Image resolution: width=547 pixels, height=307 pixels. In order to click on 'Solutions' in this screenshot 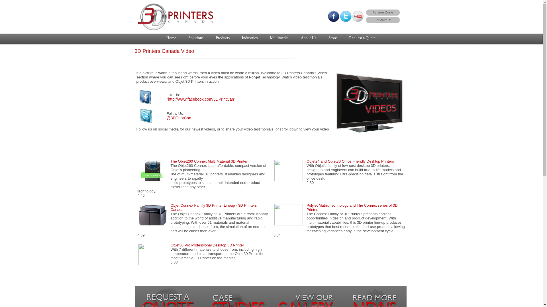, I will do `click(196, 38)`.